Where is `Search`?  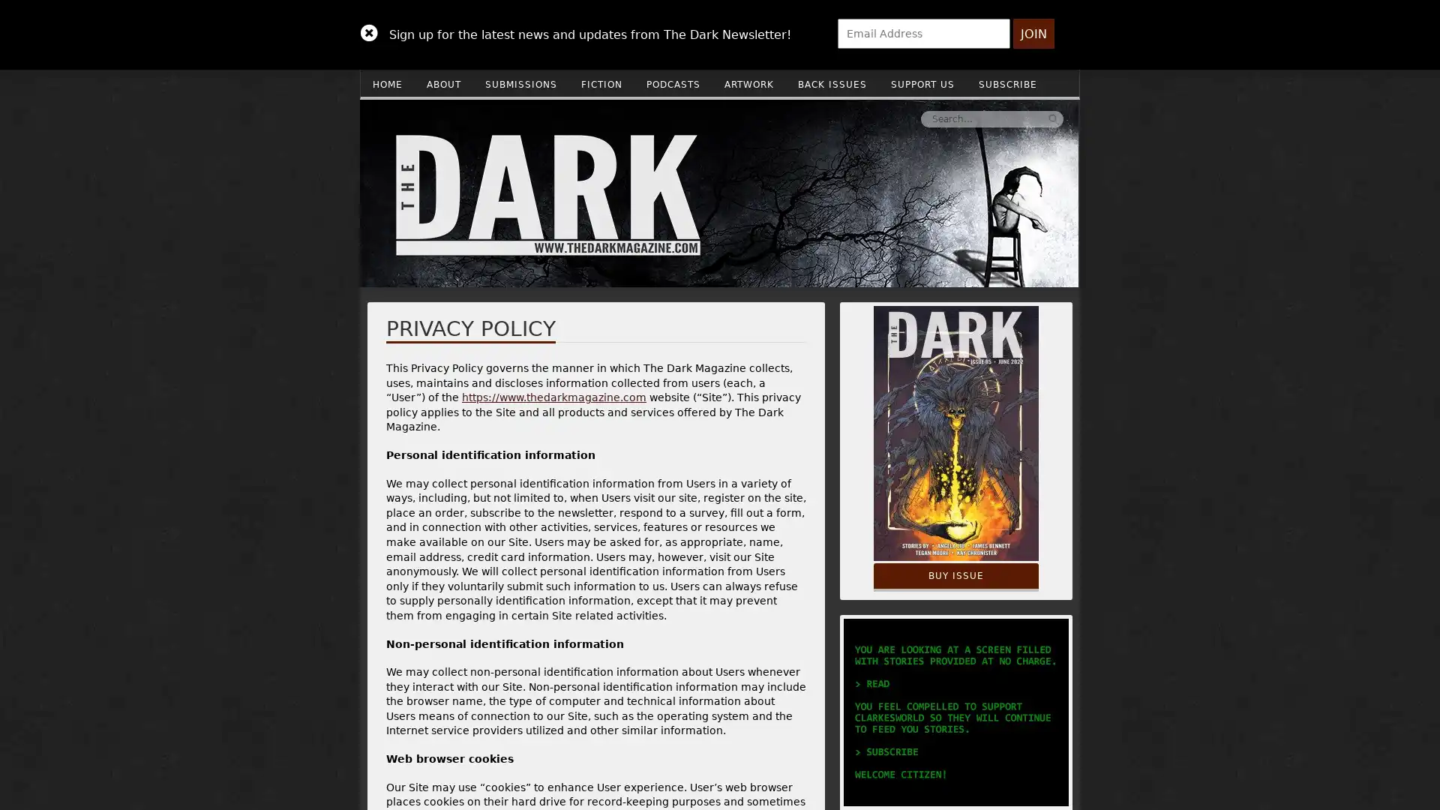 Search is located at coordinates (827, 118).